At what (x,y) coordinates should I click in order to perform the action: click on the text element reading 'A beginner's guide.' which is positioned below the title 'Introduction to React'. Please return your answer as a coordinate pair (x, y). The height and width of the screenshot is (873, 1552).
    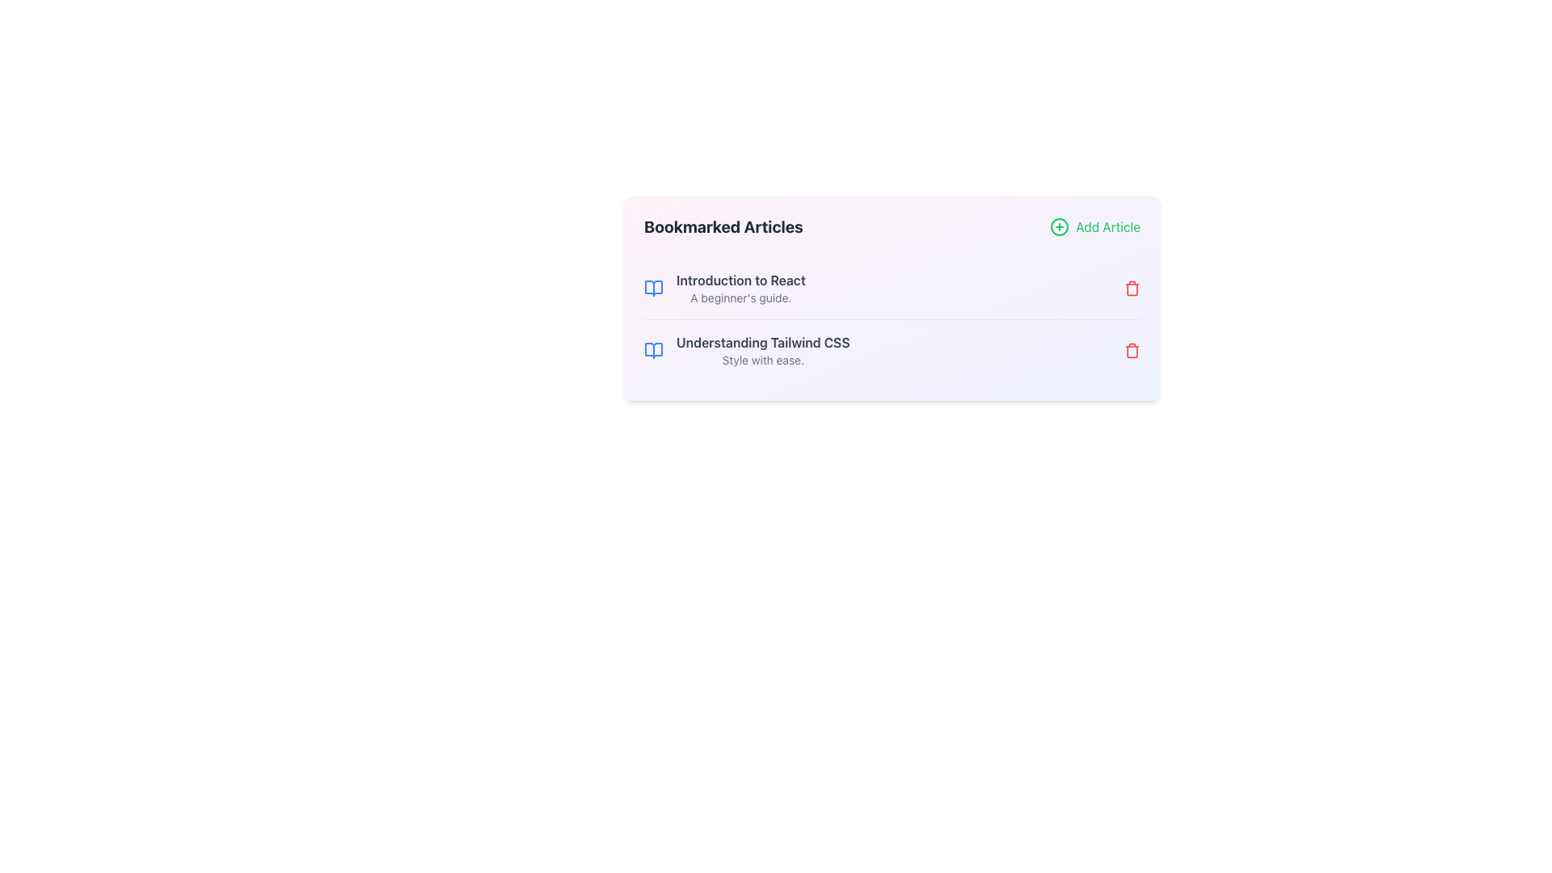
    Looking at the image, I should click on (740, 298).